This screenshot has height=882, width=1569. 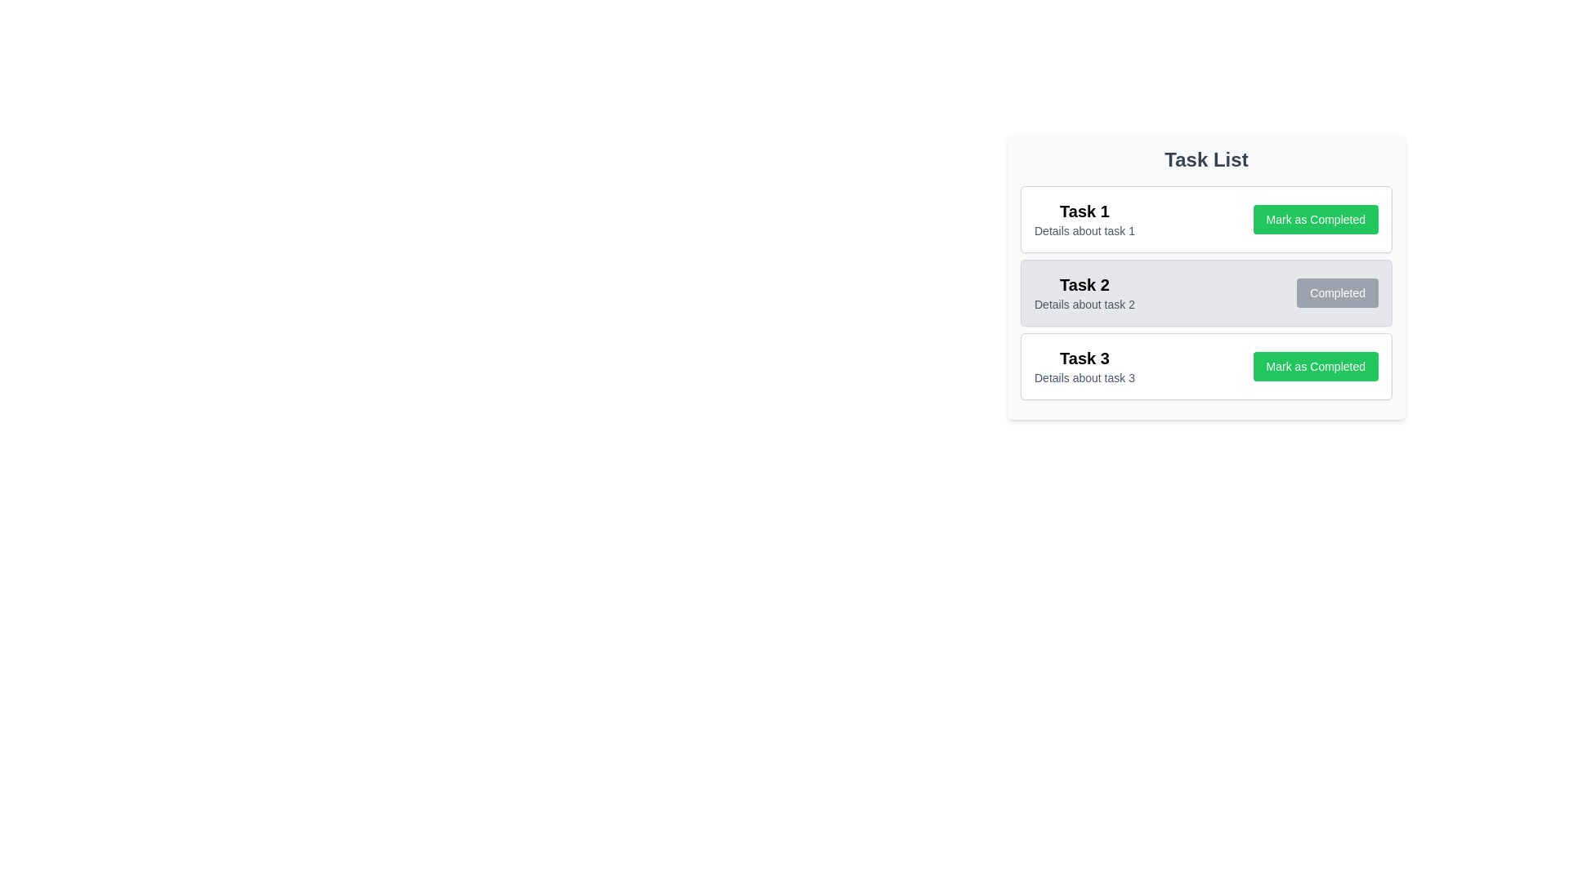 I want to click on the informational text element located beneath the label 'Task 2' in the task list, which provides additional context about the task, so click(x=1084, y=305).